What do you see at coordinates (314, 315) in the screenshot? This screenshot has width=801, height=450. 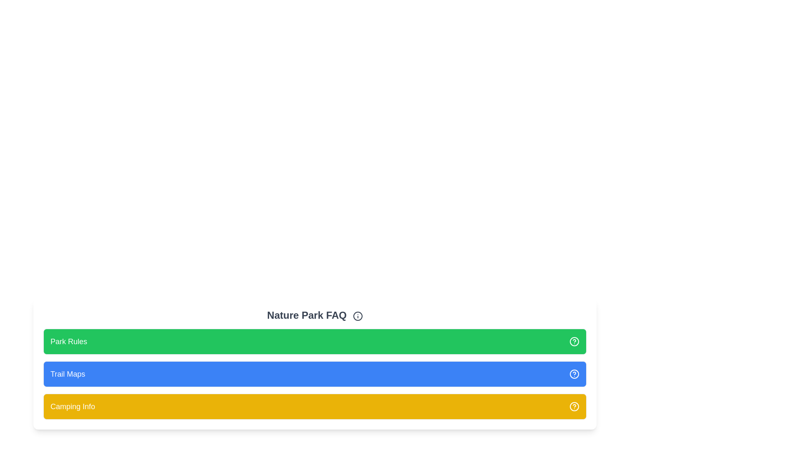 I see `the text header displaying 'Nature Park FAQ', which is bold and large in gray color, centered above other elements in the layout` at bounding box center [314, 315].